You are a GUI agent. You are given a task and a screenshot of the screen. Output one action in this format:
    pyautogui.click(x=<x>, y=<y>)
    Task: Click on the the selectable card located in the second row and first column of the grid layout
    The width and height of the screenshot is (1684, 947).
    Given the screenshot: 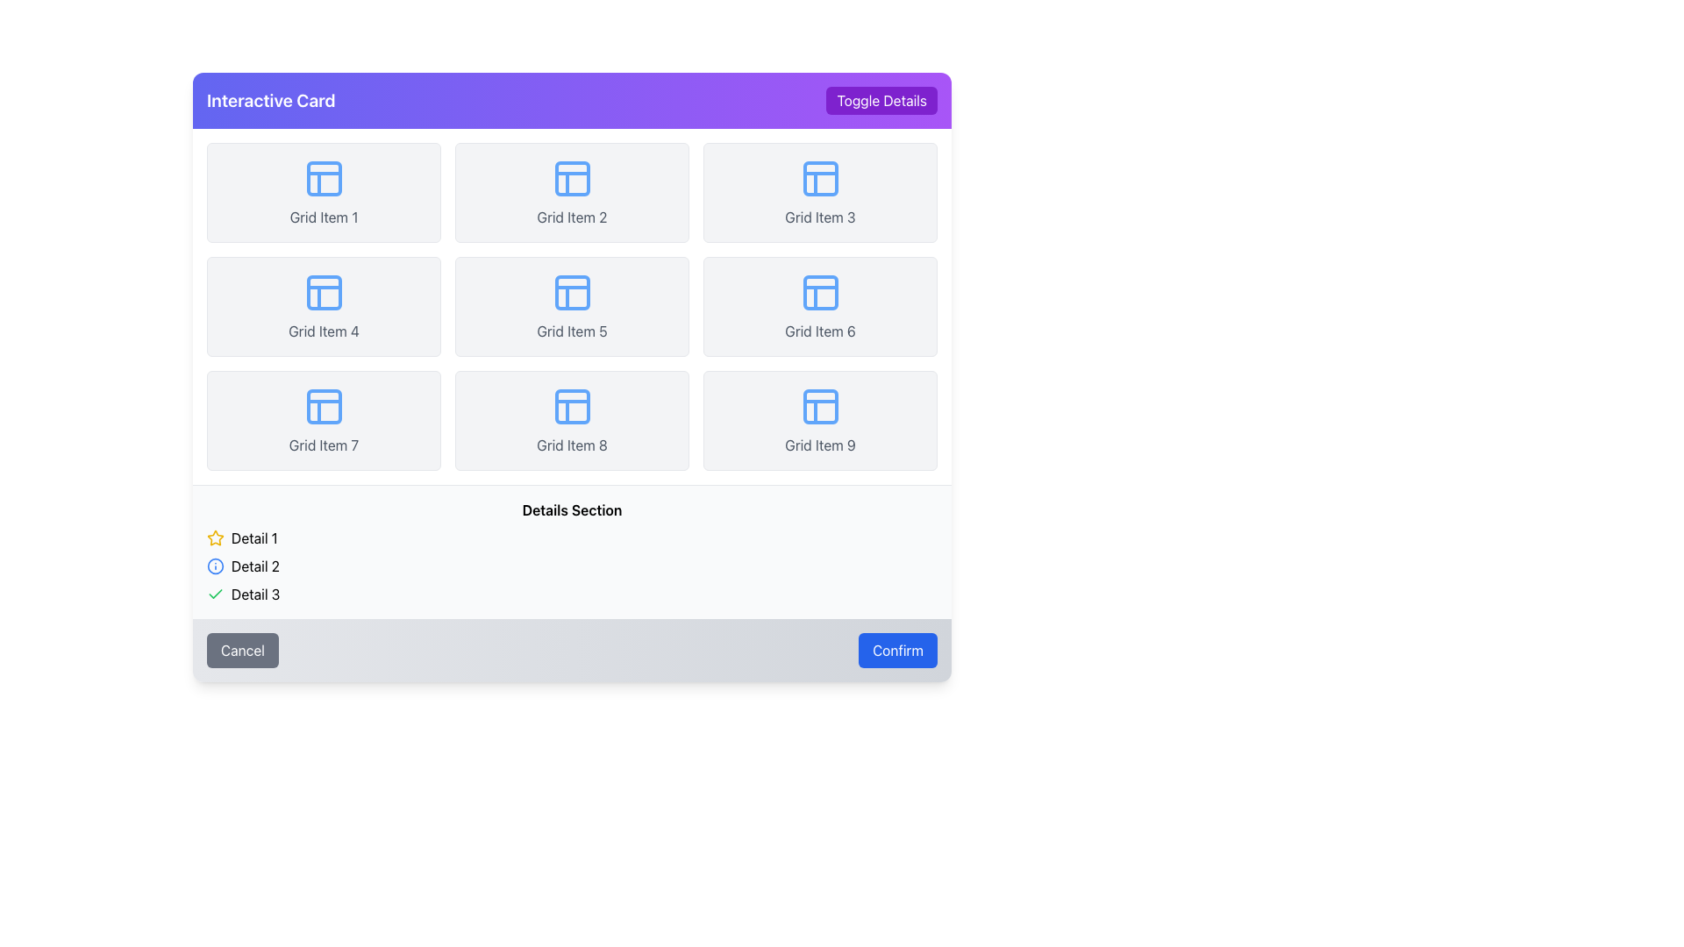 What is the action you would take?
    pyautogui.click(x=324, y=306)
    